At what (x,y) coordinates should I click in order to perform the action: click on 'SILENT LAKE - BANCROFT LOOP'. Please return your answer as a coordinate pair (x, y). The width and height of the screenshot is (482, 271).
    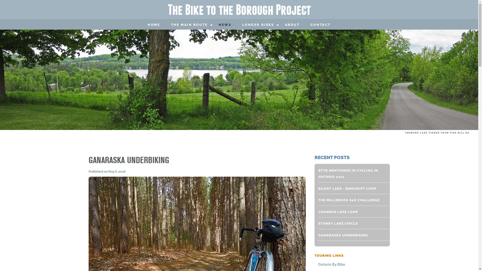
    Looking at the image, I should click on (351, 189).